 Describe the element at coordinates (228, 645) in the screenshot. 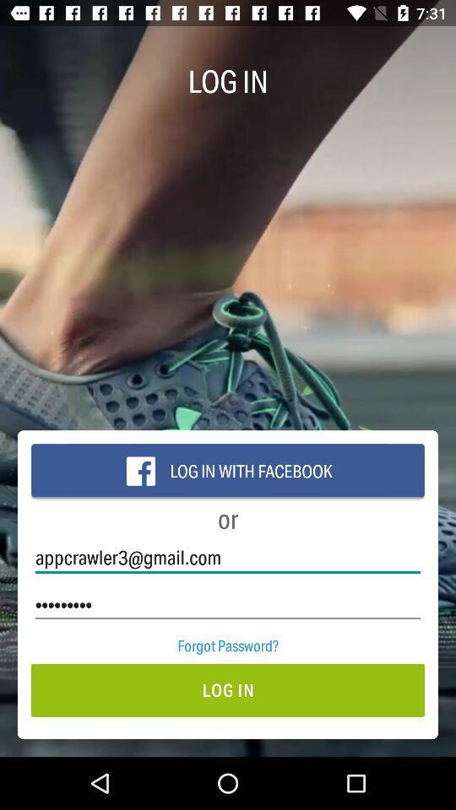

I see `the forgot password? icon` at that location.